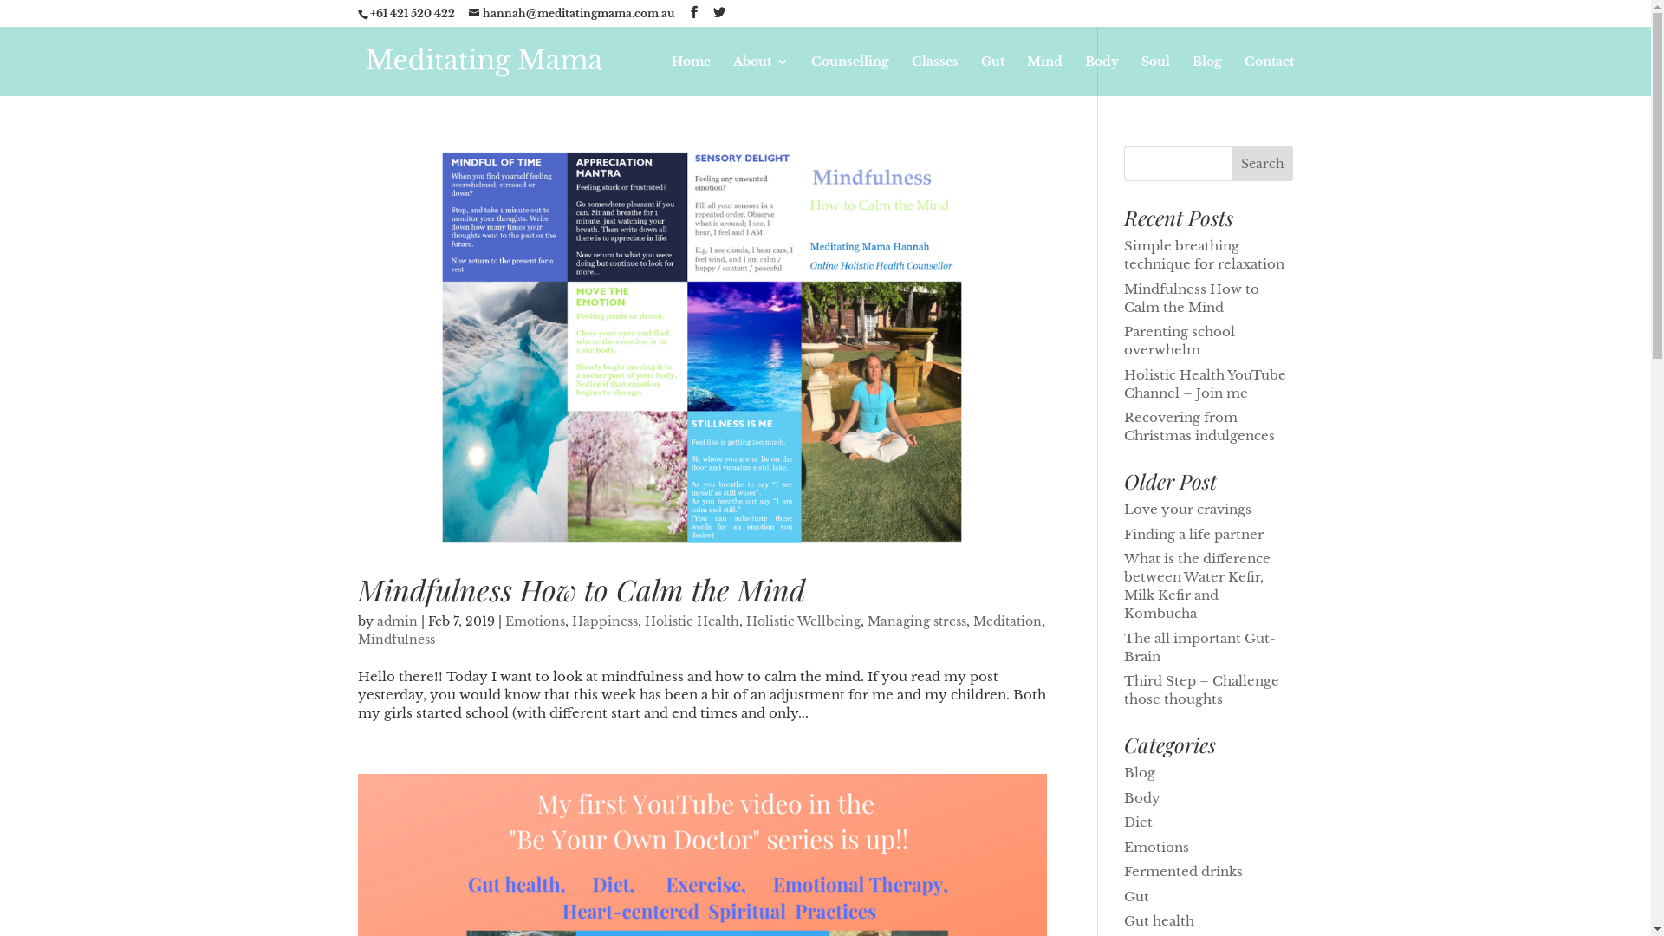 The width and height of the screenshot is (1664, 936). Describe the element at coordinates (849, 75) in the screenshot. I see `'Counselling'` at that location.